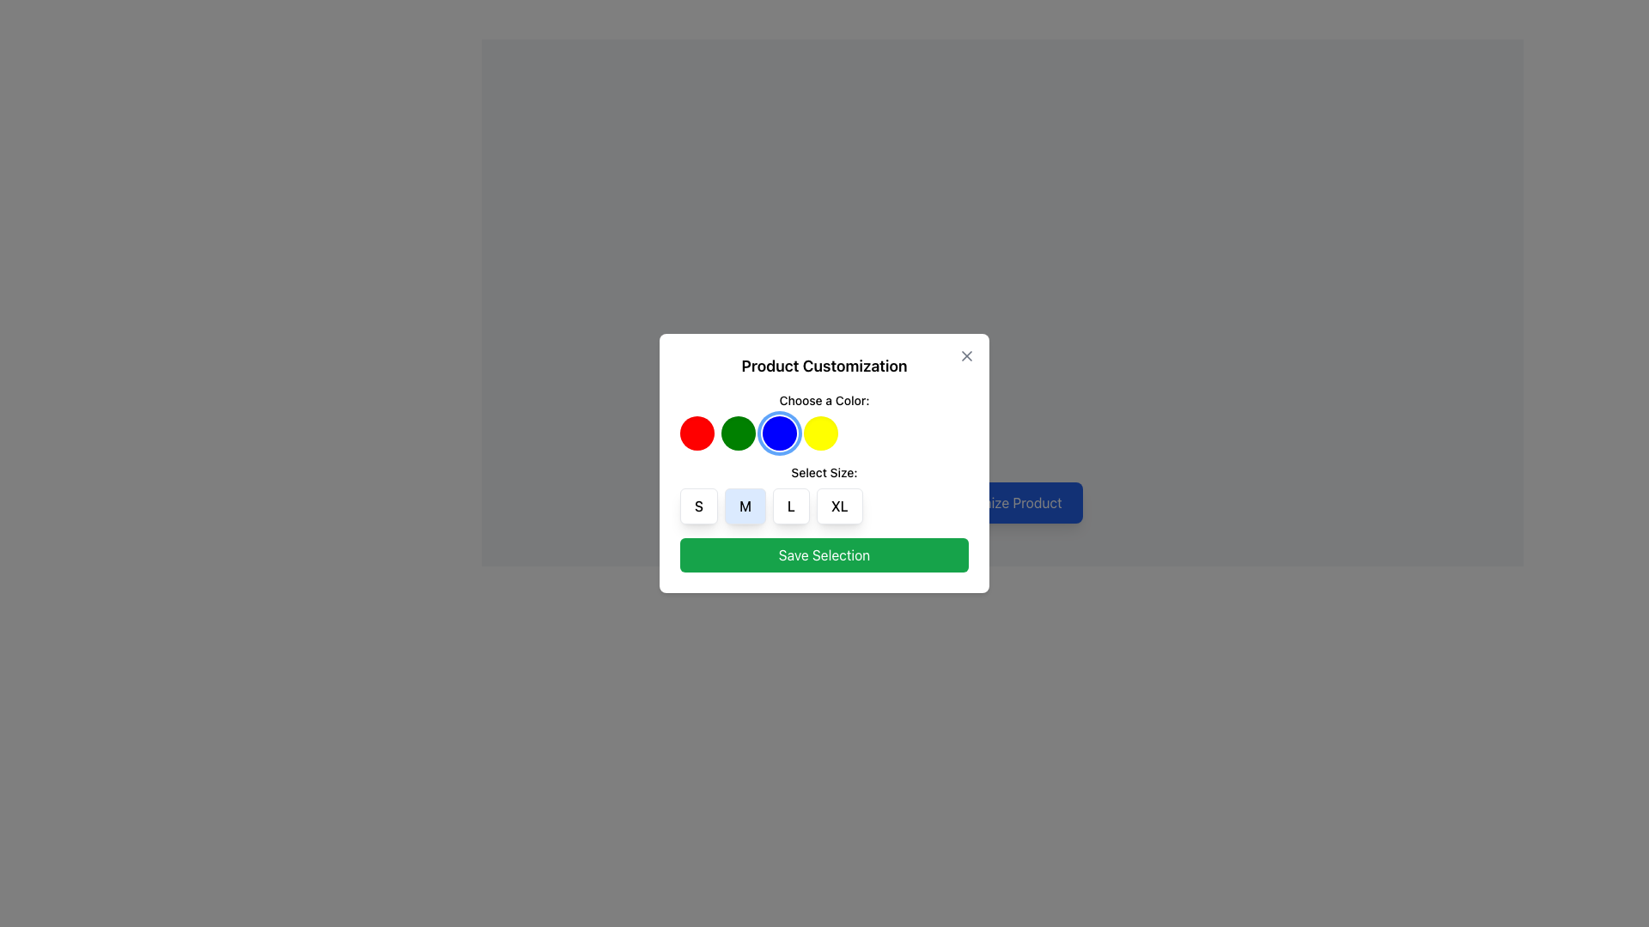 The width and height of the screenshot is (1649, 927). I want to click on the rightmost circular color selection button to choose the yellow color option in the 'Product Customization' panel, so click(819, 433).